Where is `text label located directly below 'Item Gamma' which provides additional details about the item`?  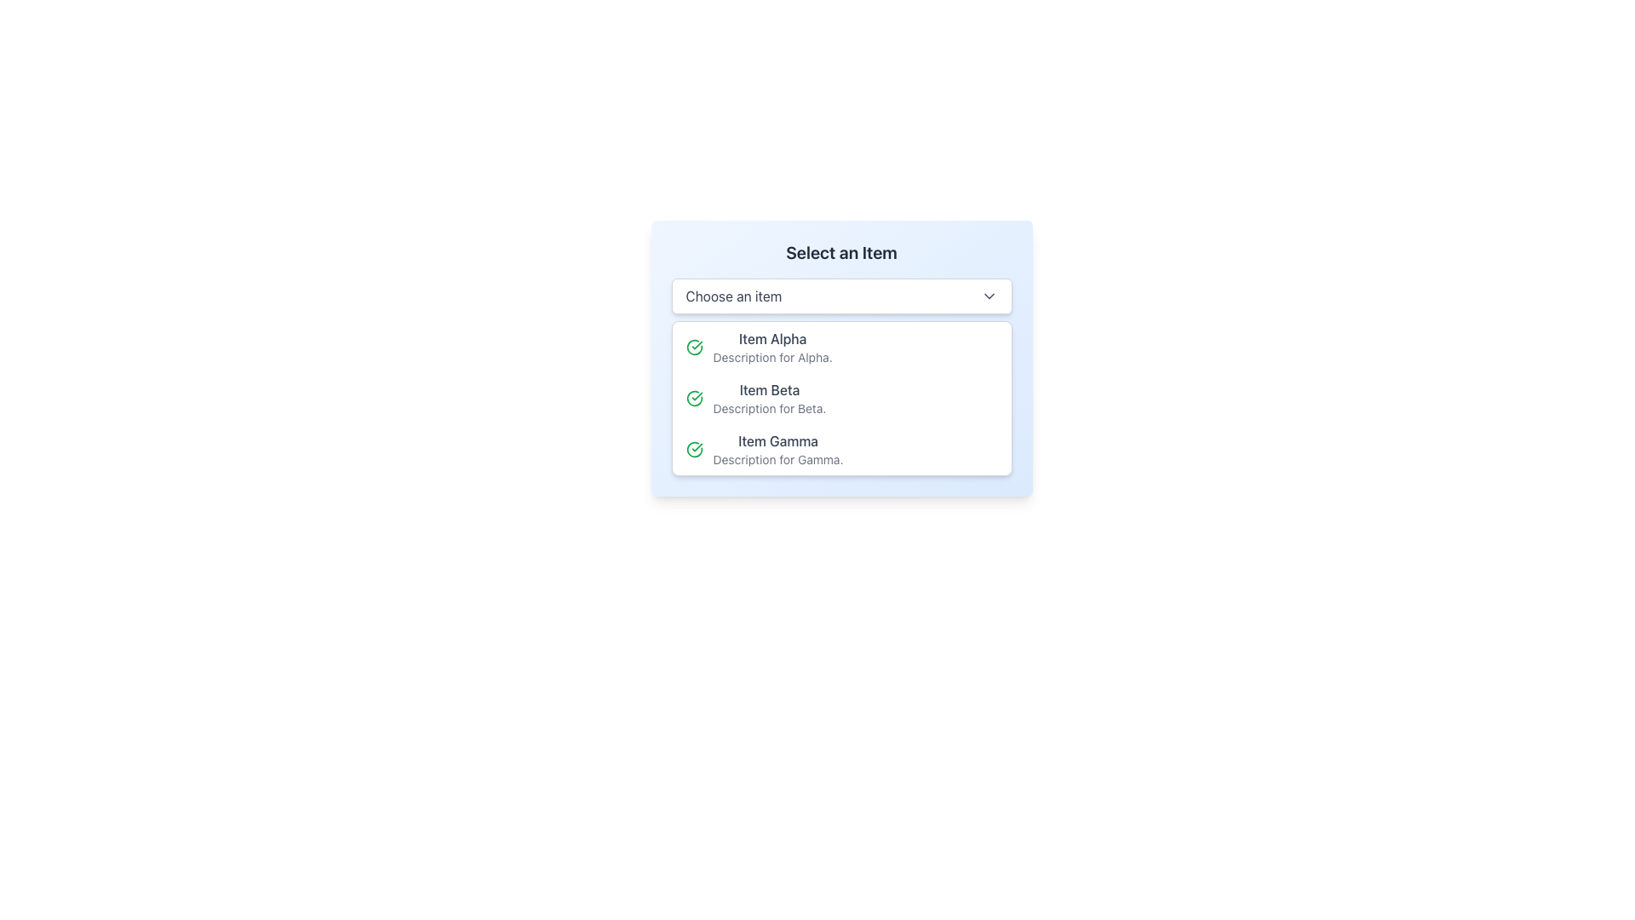 text label located directly below 'Item Gamma' which provides additional details about the item is located at coordinates (777, 460).